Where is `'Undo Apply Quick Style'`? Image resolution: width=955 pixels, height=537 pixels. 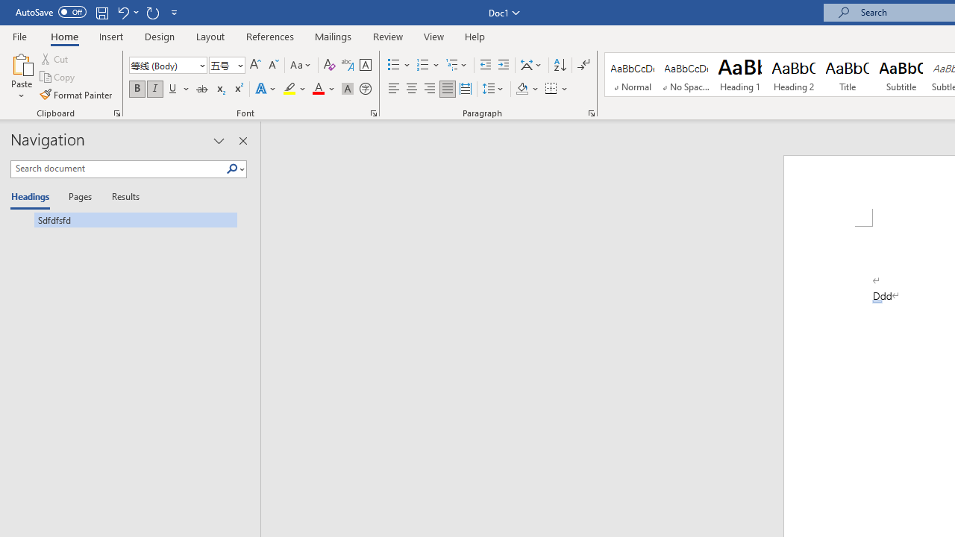 'Undo Apply Quick Style' is located at coordinates (122, 12).